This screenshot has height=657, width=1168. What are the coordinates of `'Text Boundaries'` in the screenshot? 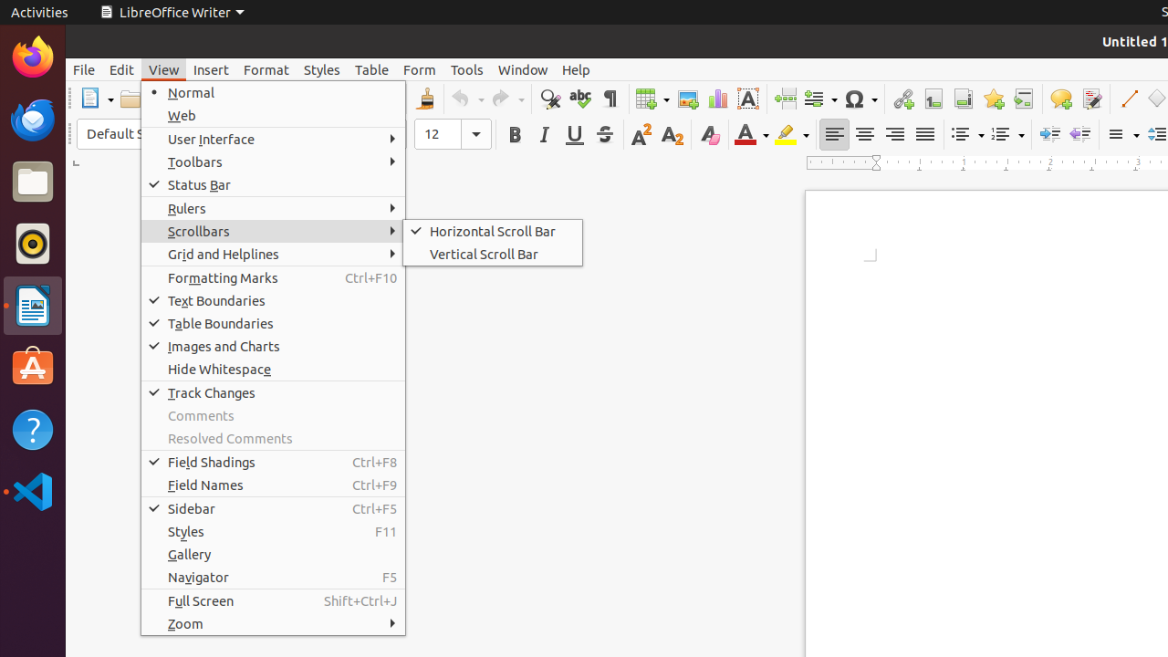 It's located at (272, 299).